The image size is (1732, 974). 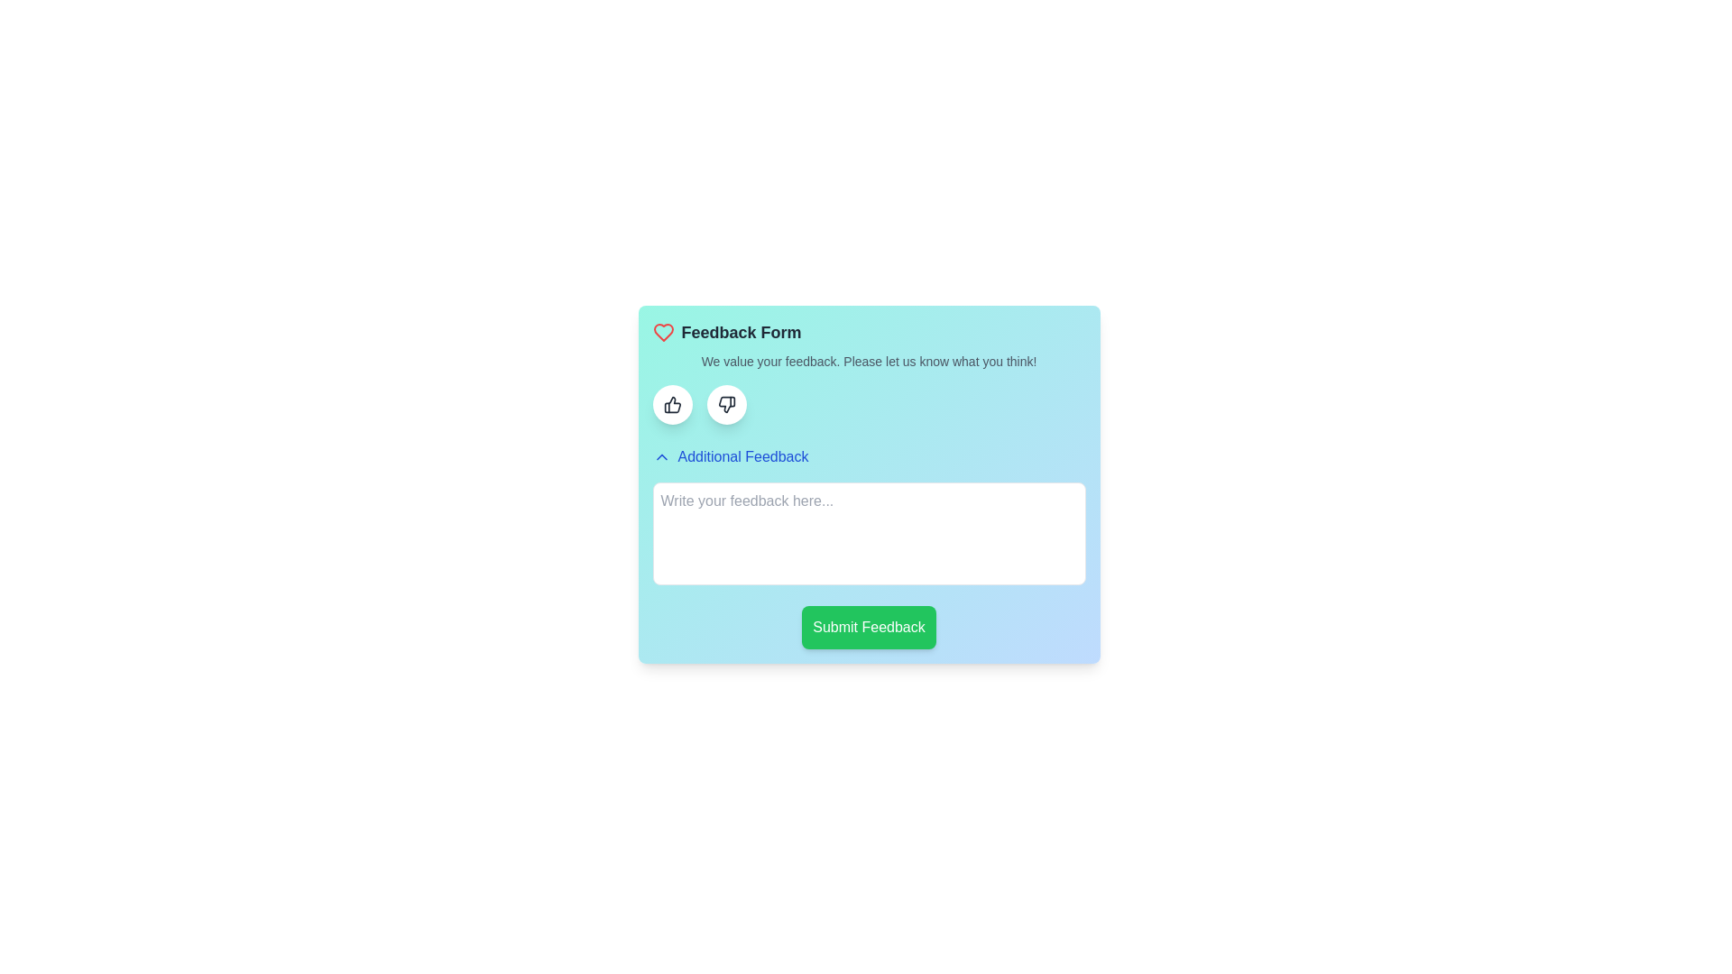 What do you see at coordinates (671, 403) in the screenshot?
I see `the thumbs-up button inside the 'Feedback Form' panel to express positive feedback` at bounding box center [671, 403].